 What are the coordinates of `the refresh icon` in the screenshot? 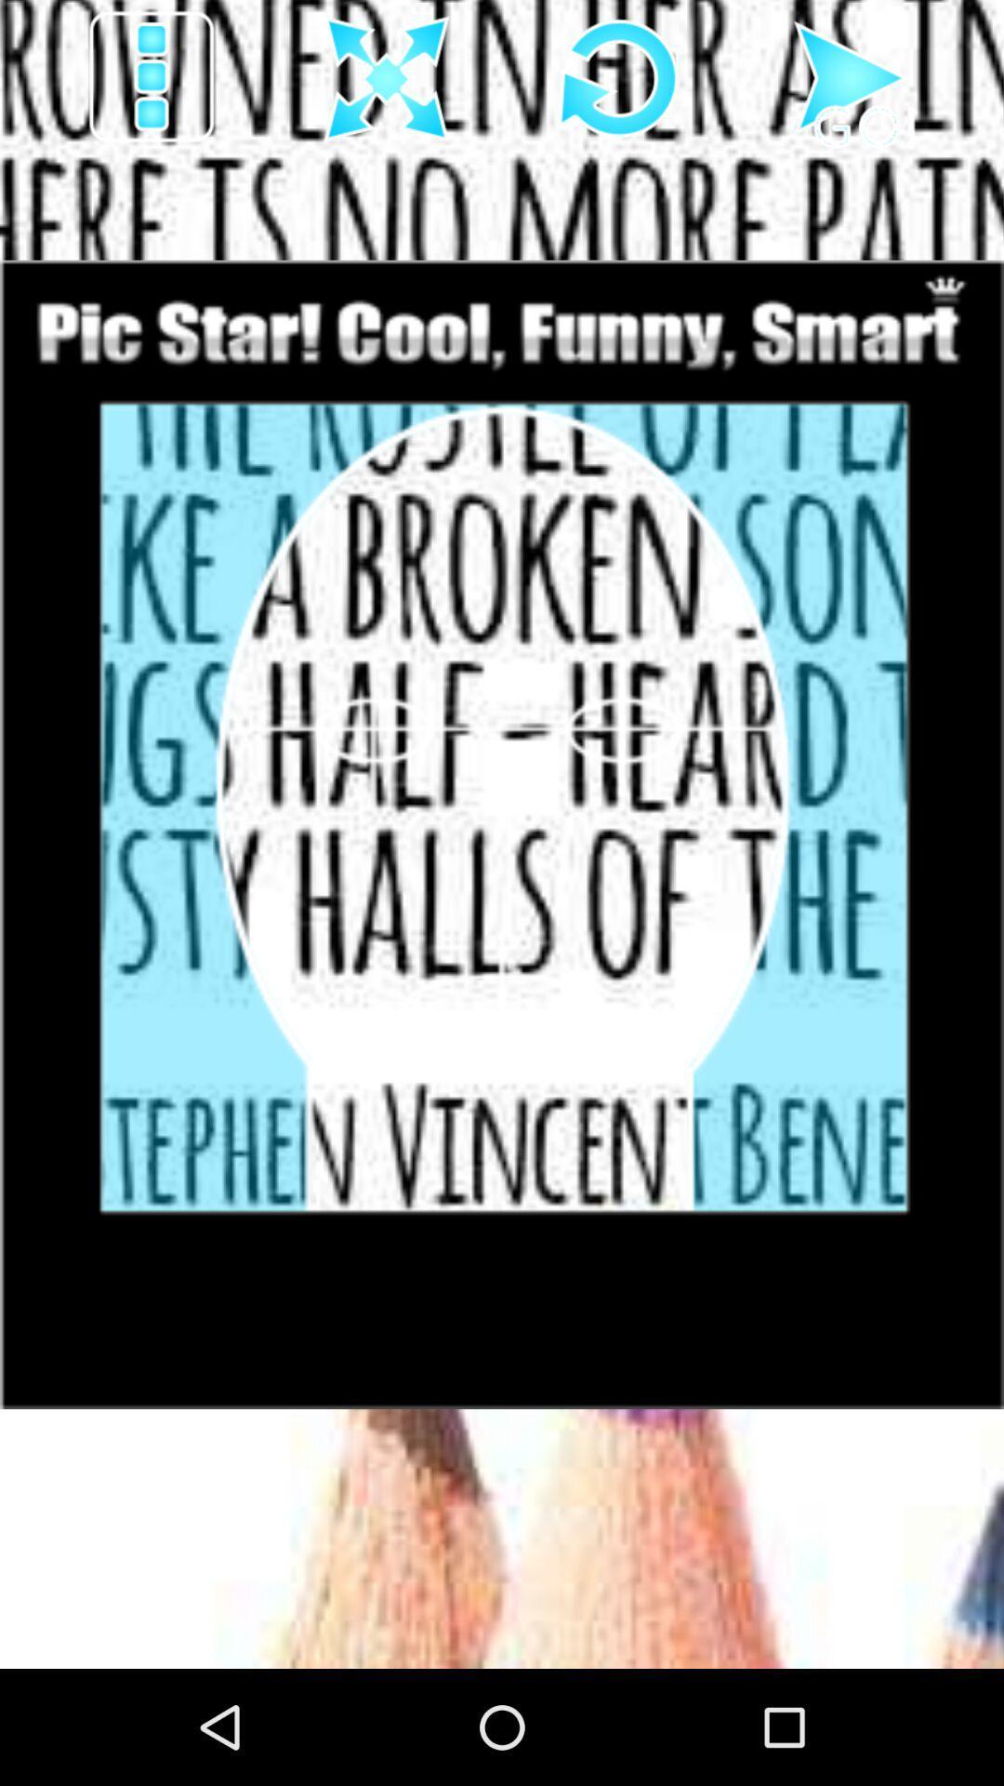 It's located at (619, 84).